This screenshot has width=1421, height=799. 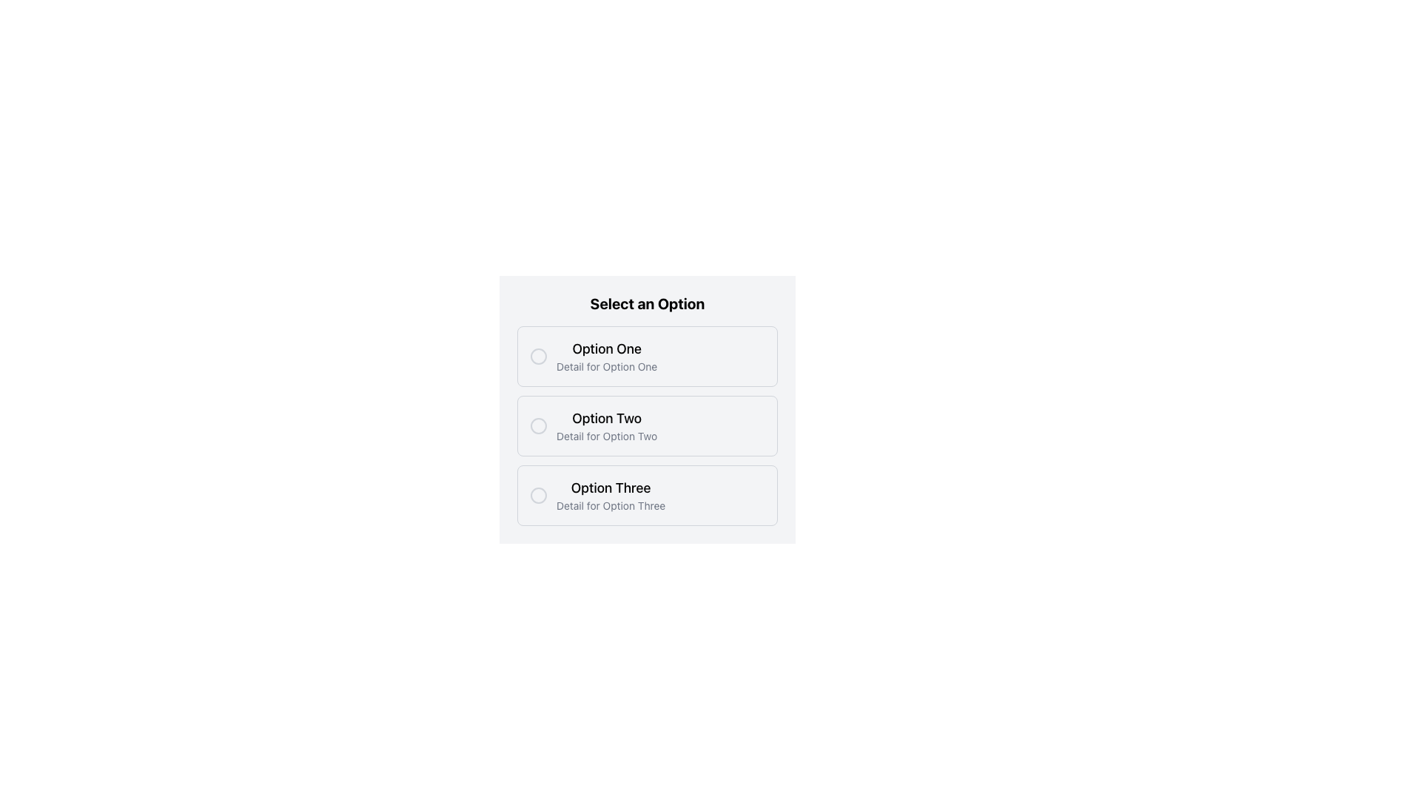 I want to click on the first radio button labeled 'Option One', so click(x=538, y=357).